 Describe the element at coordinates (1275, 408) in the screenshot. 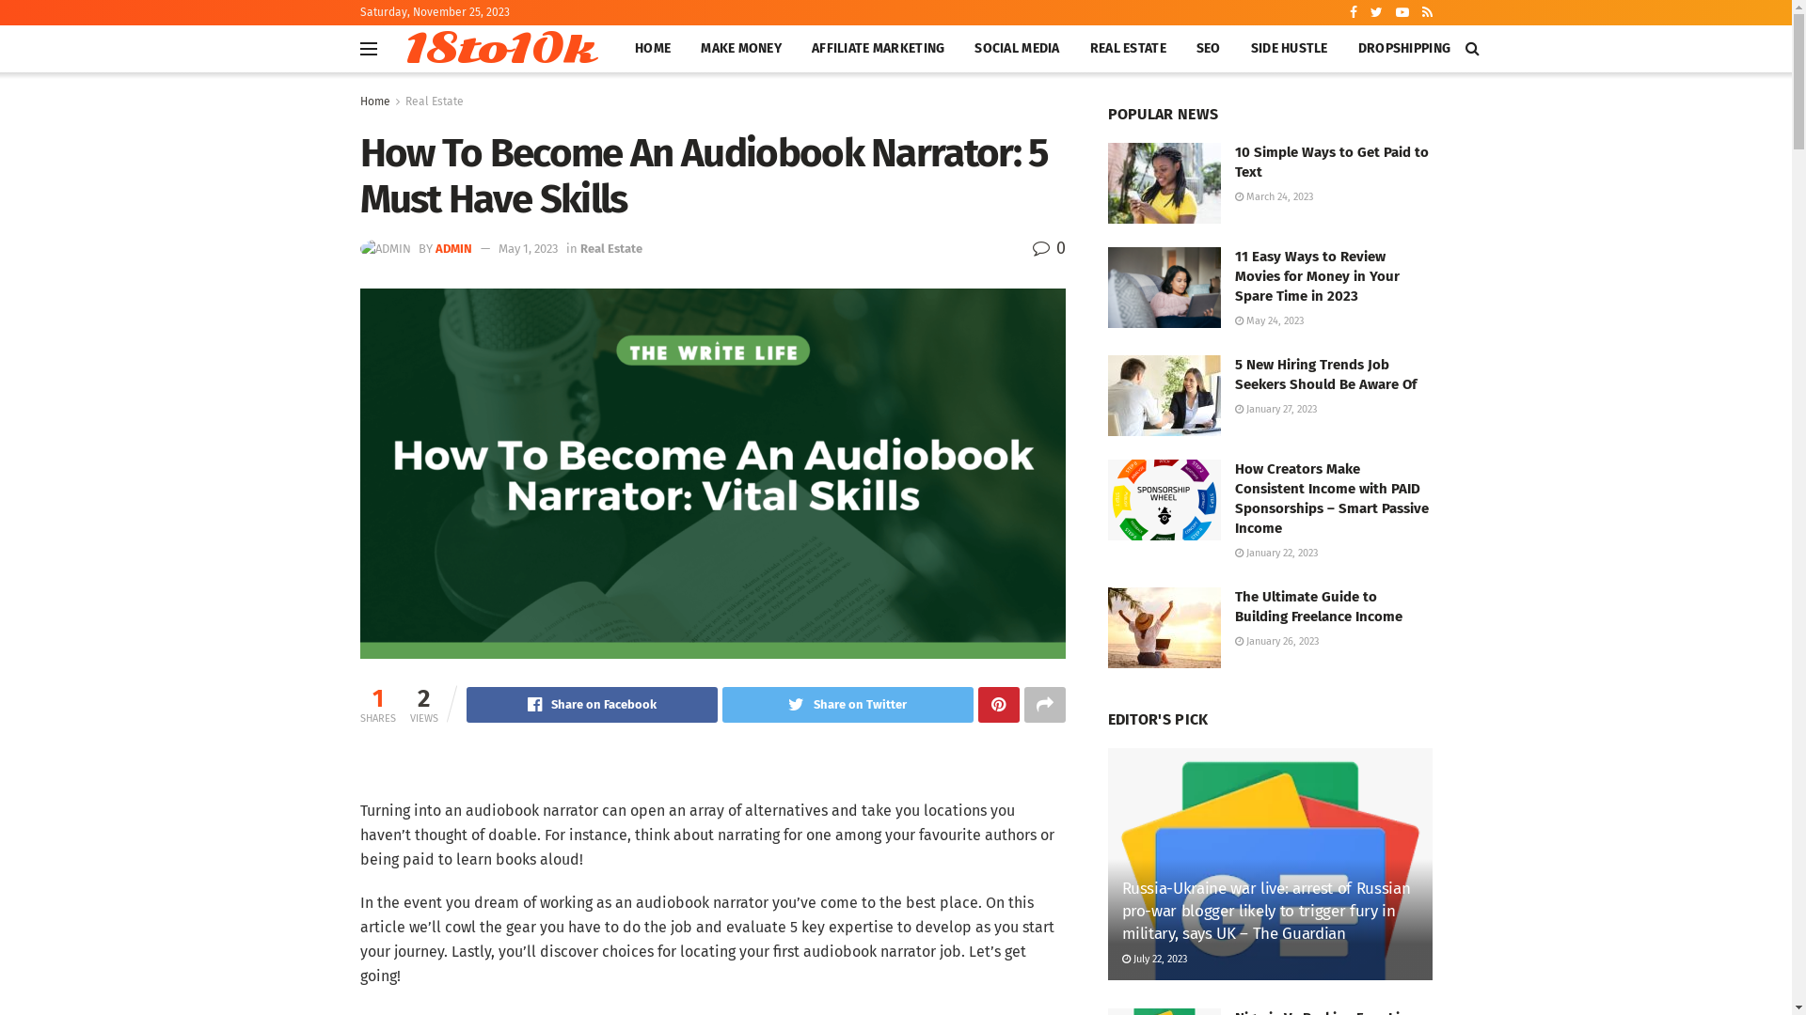

I see `'January 27, 2023'` at that location.